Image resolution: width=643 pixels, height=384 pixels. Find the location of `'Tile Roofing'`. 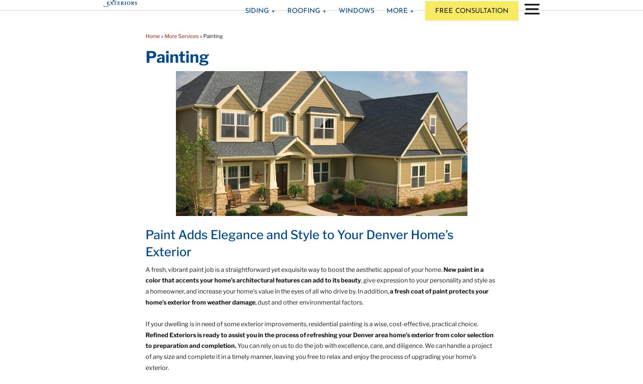

'Tile Roofing' is located at coordinates (285, 105).